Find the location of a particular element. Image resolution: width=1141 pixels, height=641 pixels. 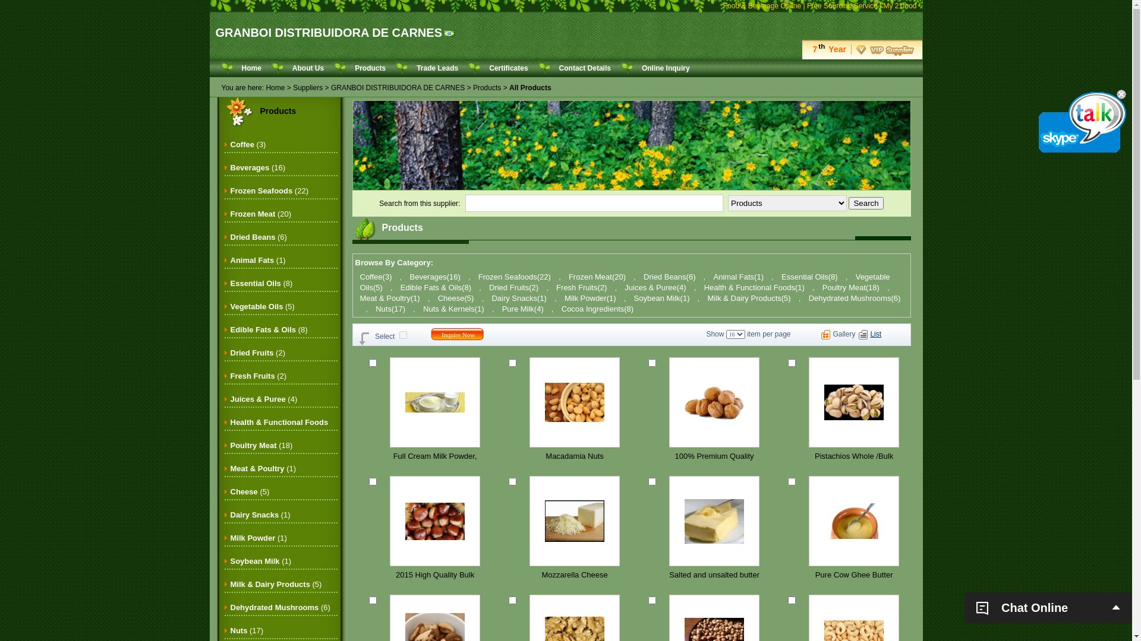

'Contact Details' is located at coordinates (585, 68).